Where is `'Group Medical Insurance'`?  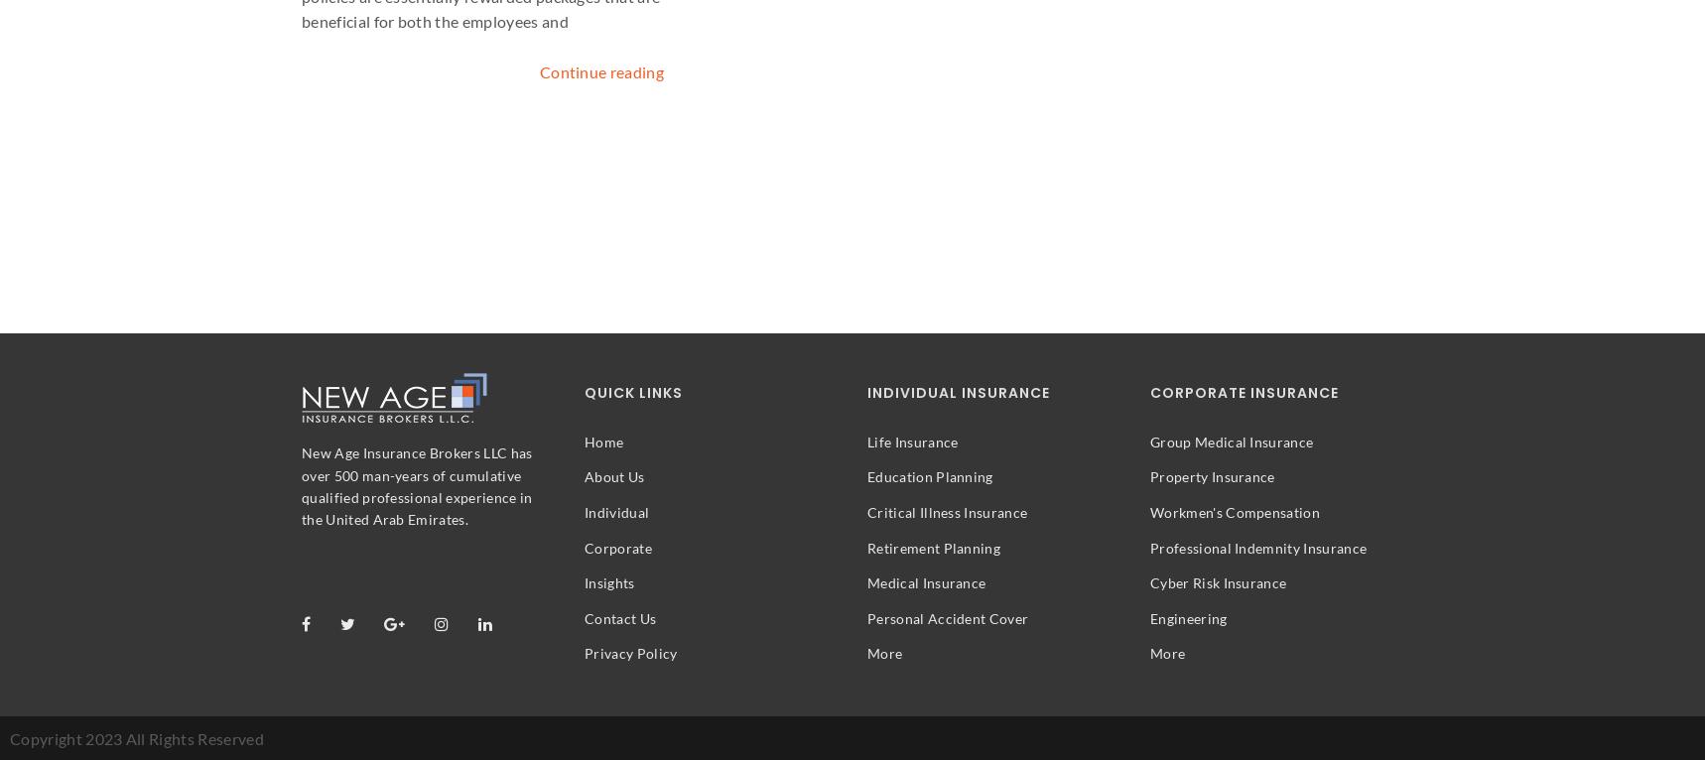
'Group Medical Insurance' is located at coordinates (1231, 441).